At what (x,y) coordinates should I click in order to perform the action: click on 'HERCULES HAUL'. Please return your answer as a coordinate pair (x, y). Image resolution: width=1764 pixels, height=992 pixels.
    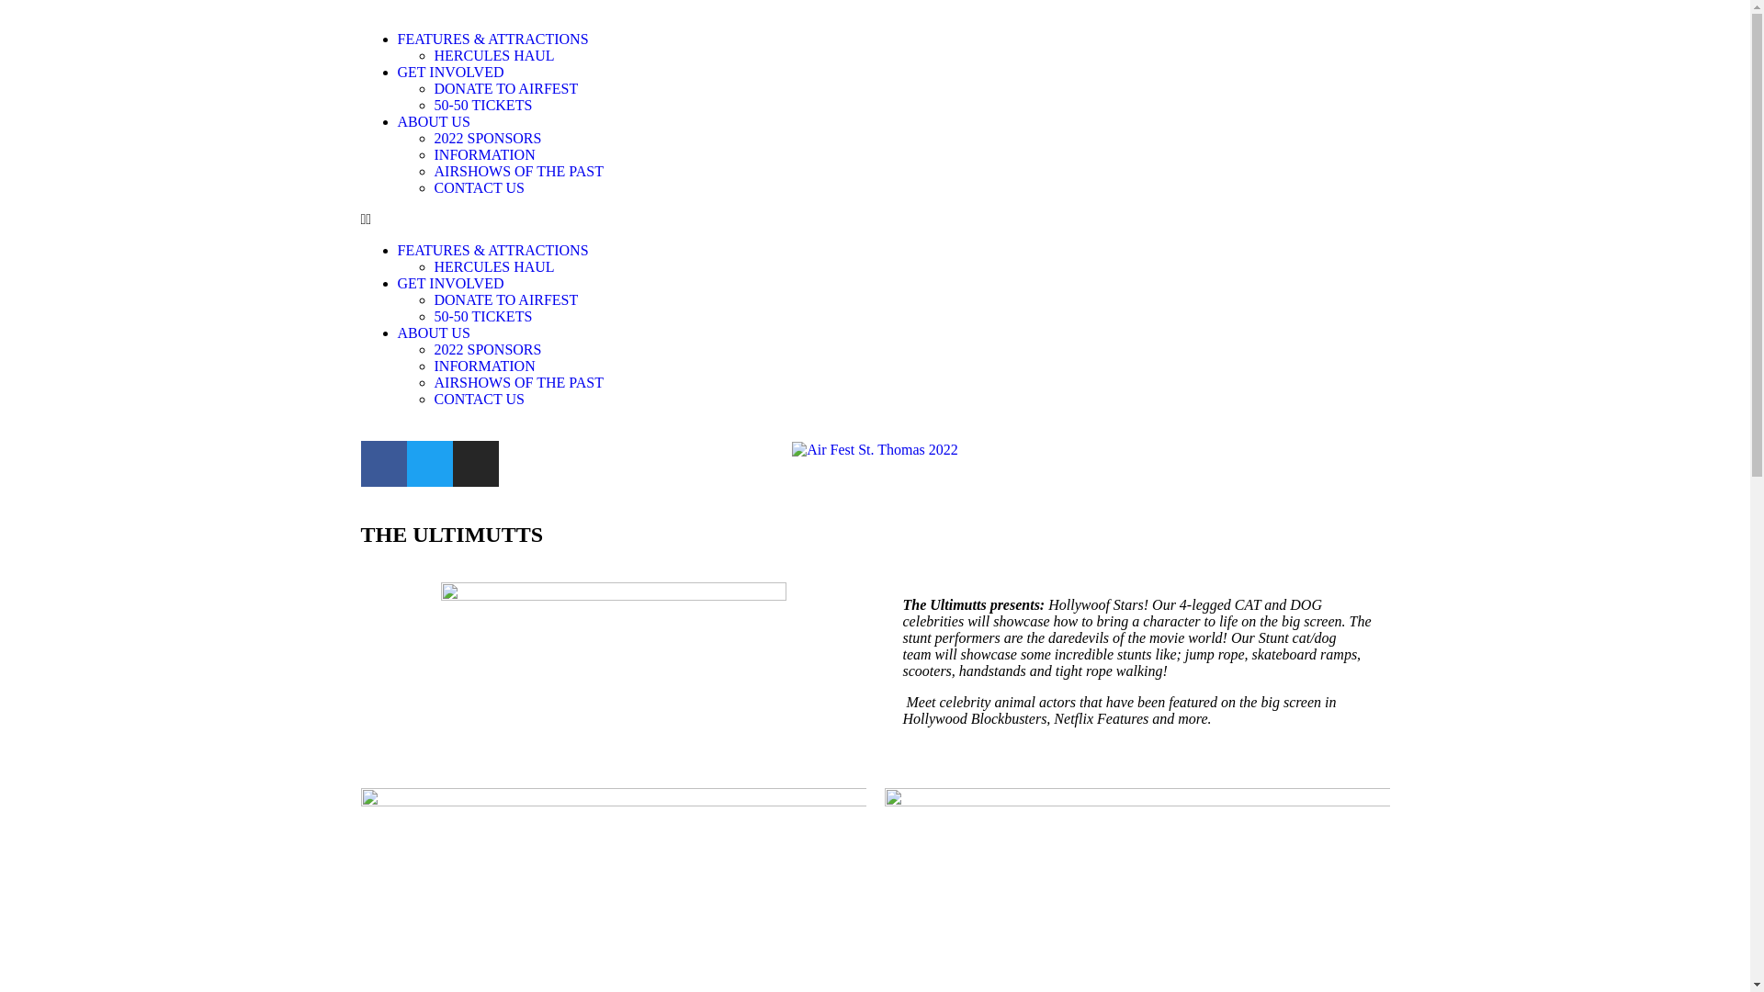
    Looking at the image, I should click on (493, 54).